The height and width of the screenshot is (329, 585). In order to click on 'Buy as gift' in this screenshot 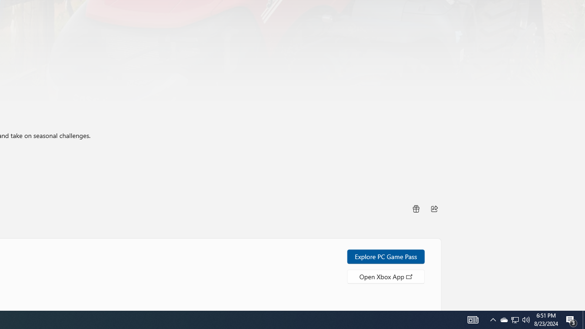, I will do `click(415, 208)`.